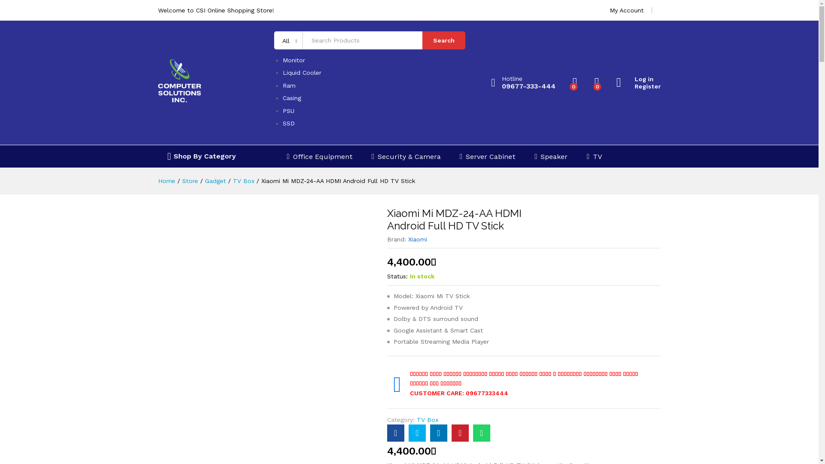 The image size is (825, 464). Describe the element at coordinates (638, 79) in the screenshot. I see `'Log in'` at that location.